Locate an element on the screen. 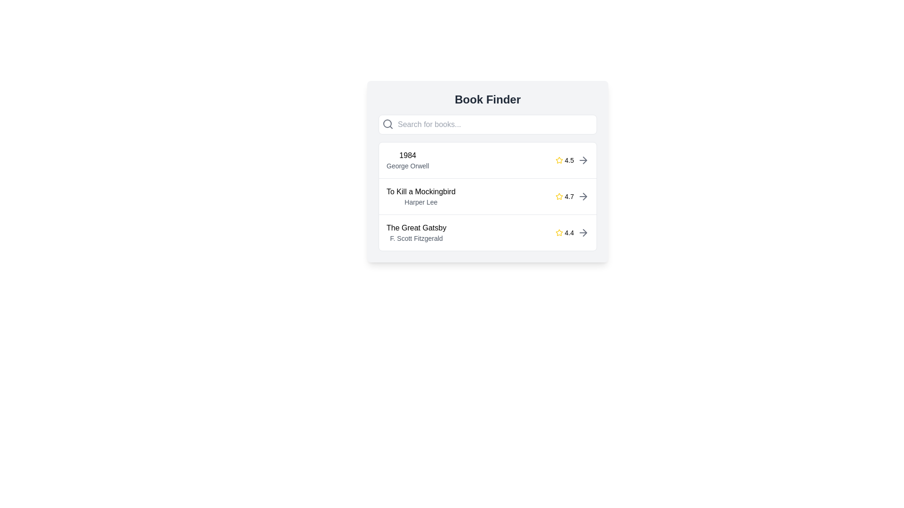 Image resolution: width=904 pixels, height=508 pixels. the navigational arrow icon located at the far right of the 'The Great Gatsby' book entry, adjacent to the rating '4.4' is located at coordinates (582, 232).